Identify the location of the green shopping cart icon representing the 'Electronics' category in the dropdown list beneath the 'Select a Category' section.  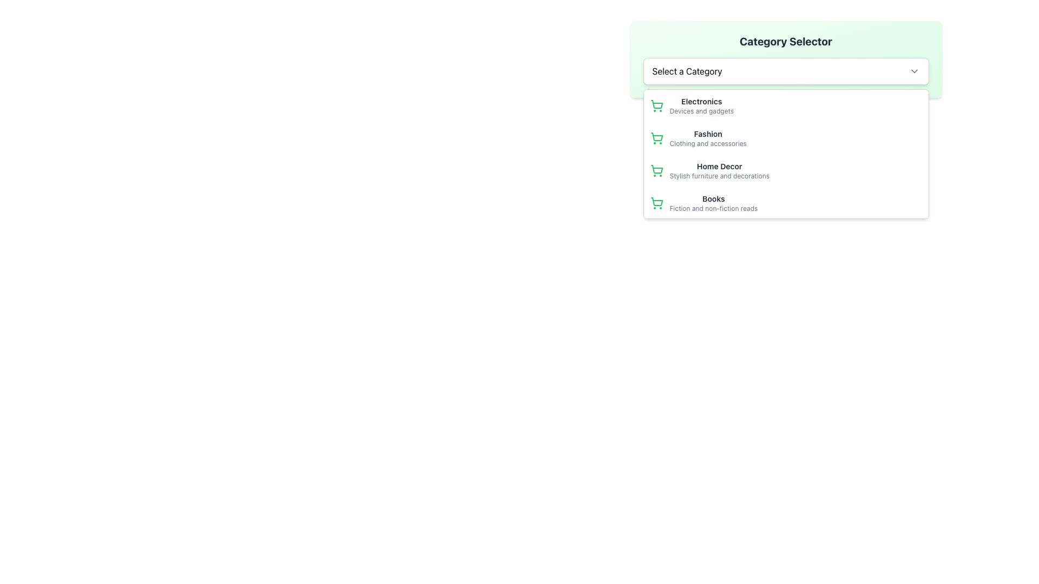
(656, 106).